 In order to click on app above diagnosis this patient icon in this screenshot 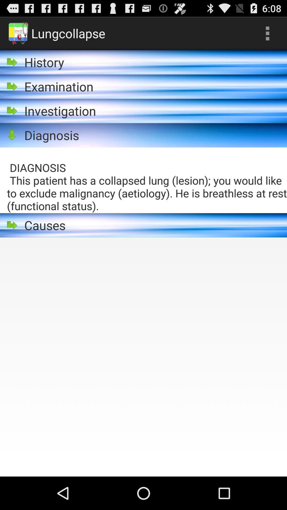, I will do `click(267, 33)`.